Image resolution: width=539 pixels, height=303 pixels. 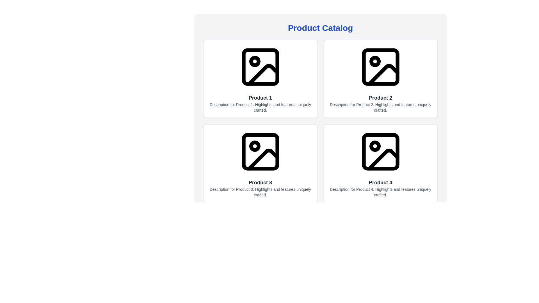 What do you see at coordinates (260, 67) in the screenshot?
I see `the Rectangle element within the SVG graphic that serves as an image placeholder for the Product 1 card, located in the top-left area of the icon` at bounding box center [260, 67].